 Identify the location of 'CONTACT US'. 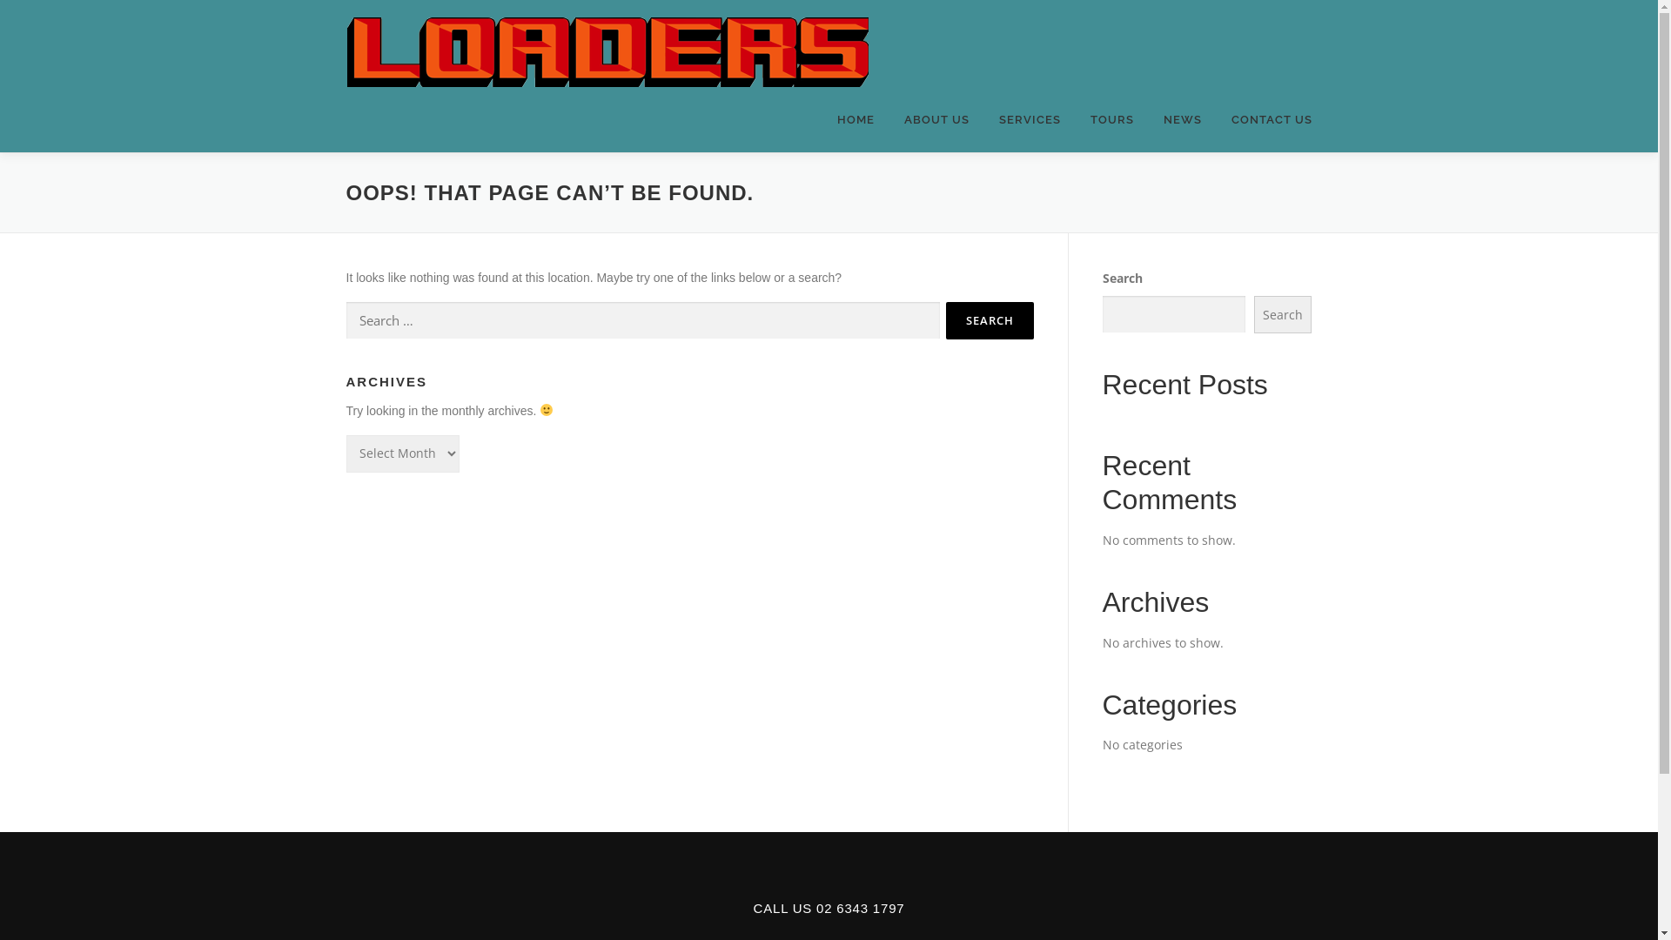
(1265, 118).